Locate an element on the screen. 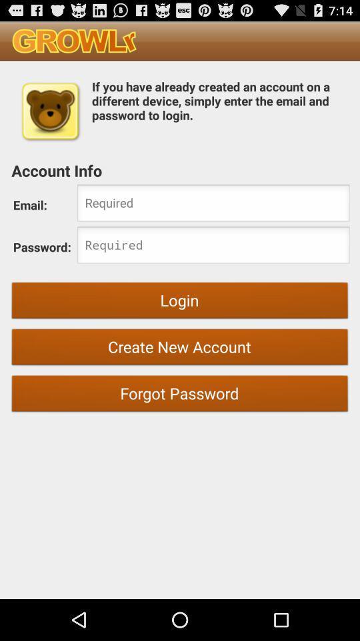 This screenshot has height=641, width=360. the field shown right to password is located at coordinates (213, 246).